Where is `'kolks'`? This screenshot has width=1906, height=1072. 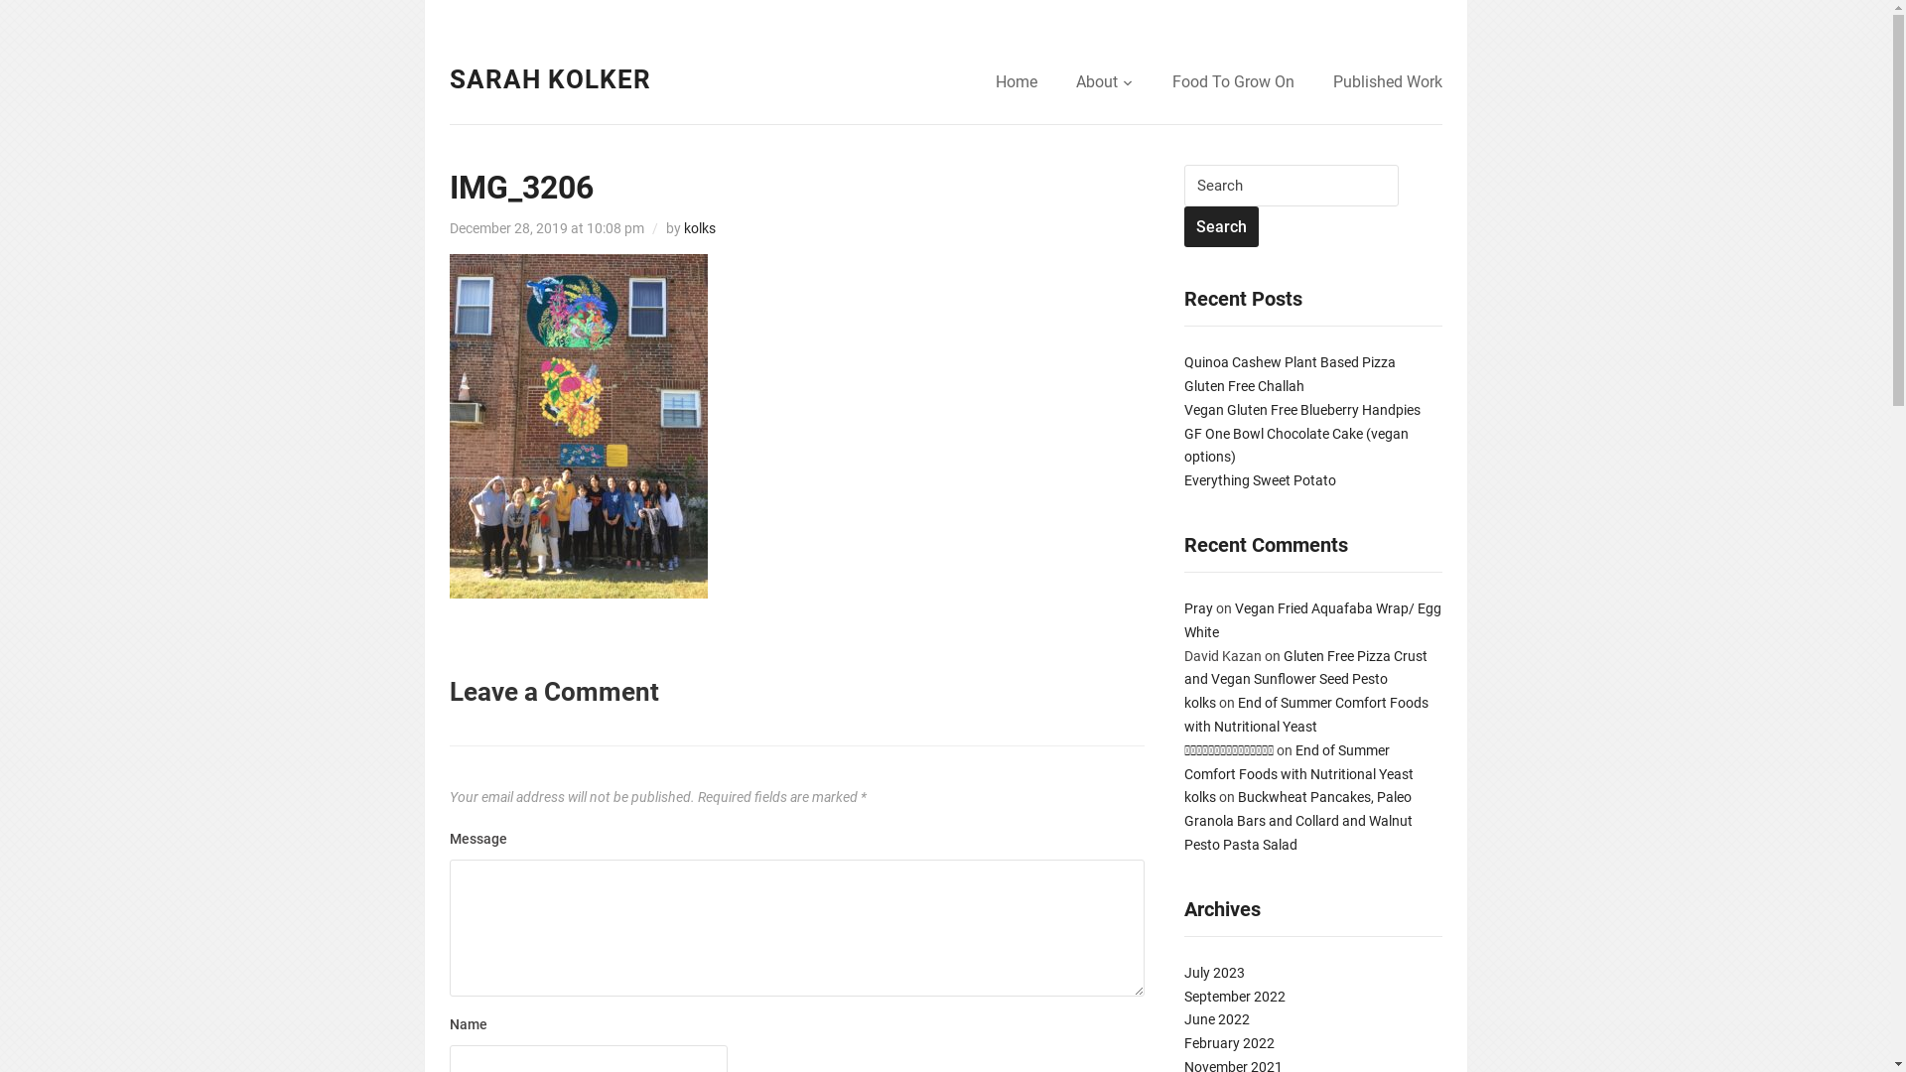
'kolks' is located at coordinates (699, 227).